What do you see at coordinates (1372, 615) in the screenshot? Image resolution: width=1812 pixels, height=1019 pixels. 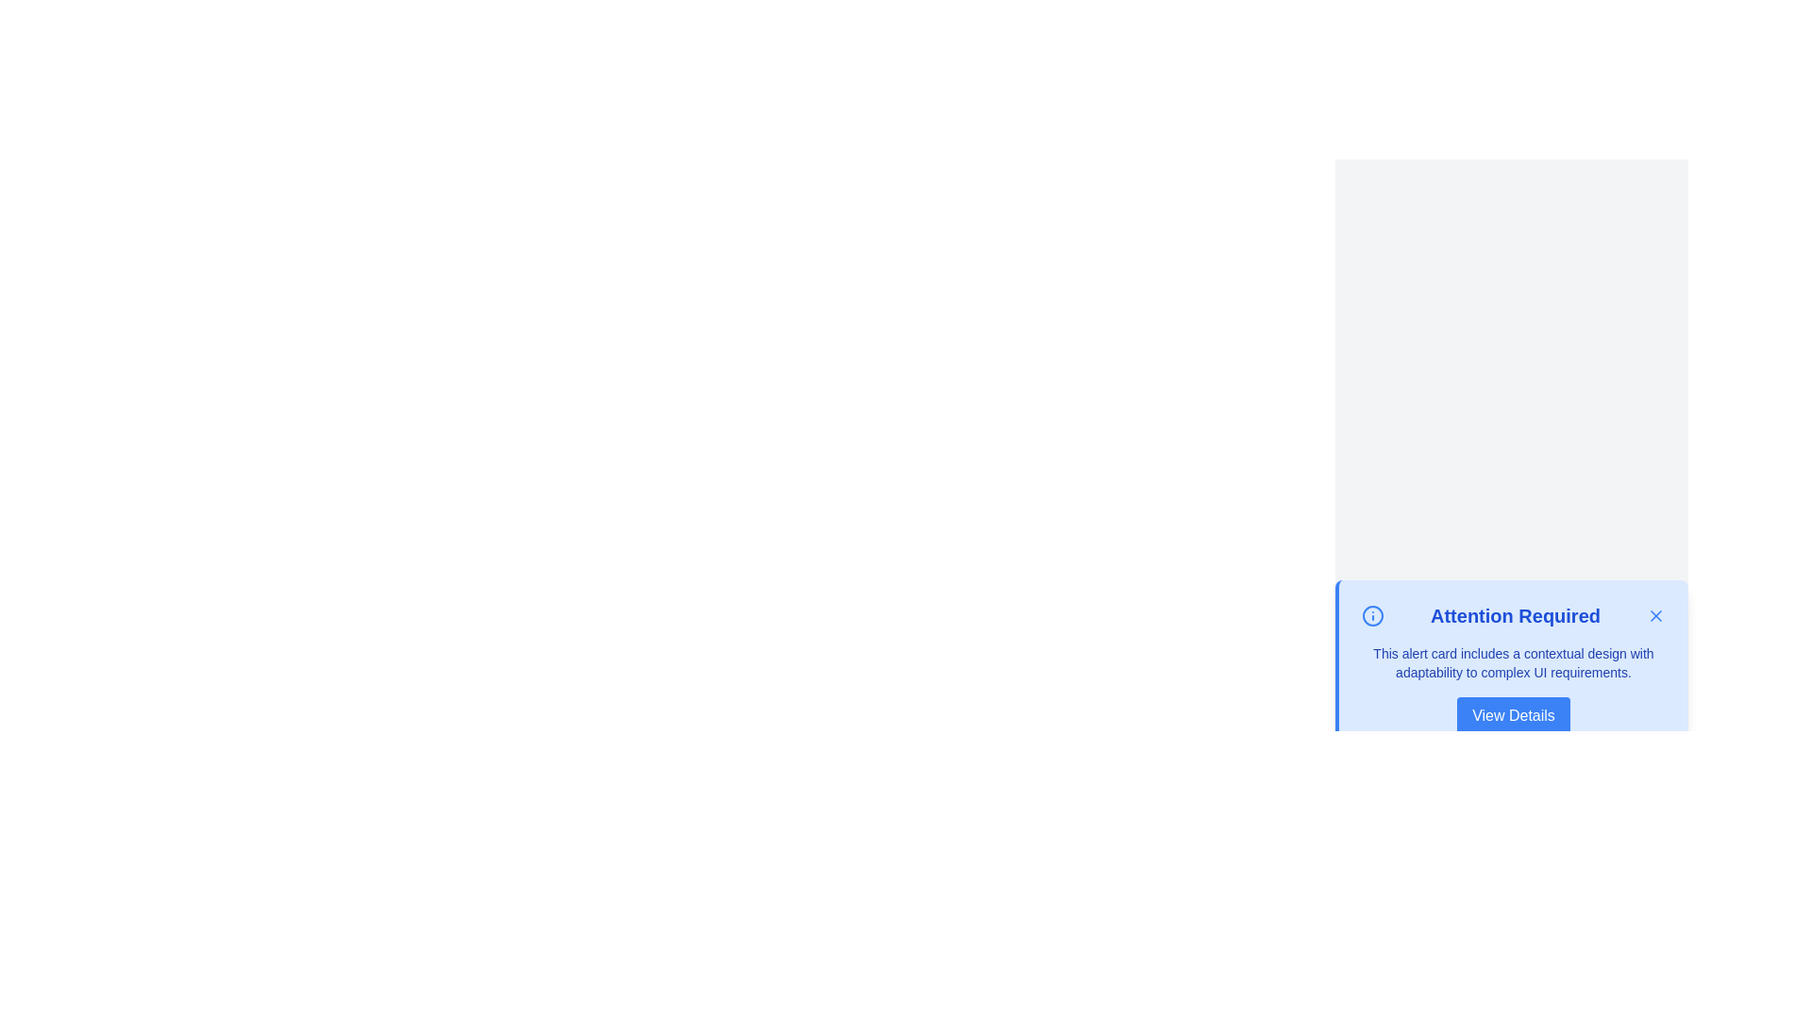 I see `the blue circular SVG element with a white interior and defined border, located adjacent to the 'Attention Required' text in the alert card` at bounding box center [1372, 615].